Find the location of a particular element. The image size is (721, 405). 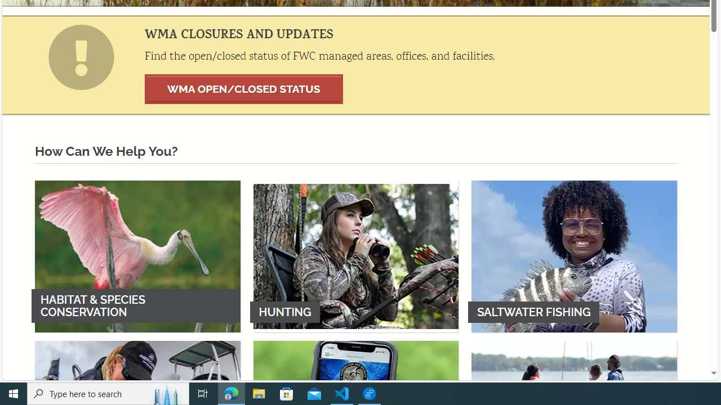

'SALTWATER FISHING' is located at coordinates (574, 256).